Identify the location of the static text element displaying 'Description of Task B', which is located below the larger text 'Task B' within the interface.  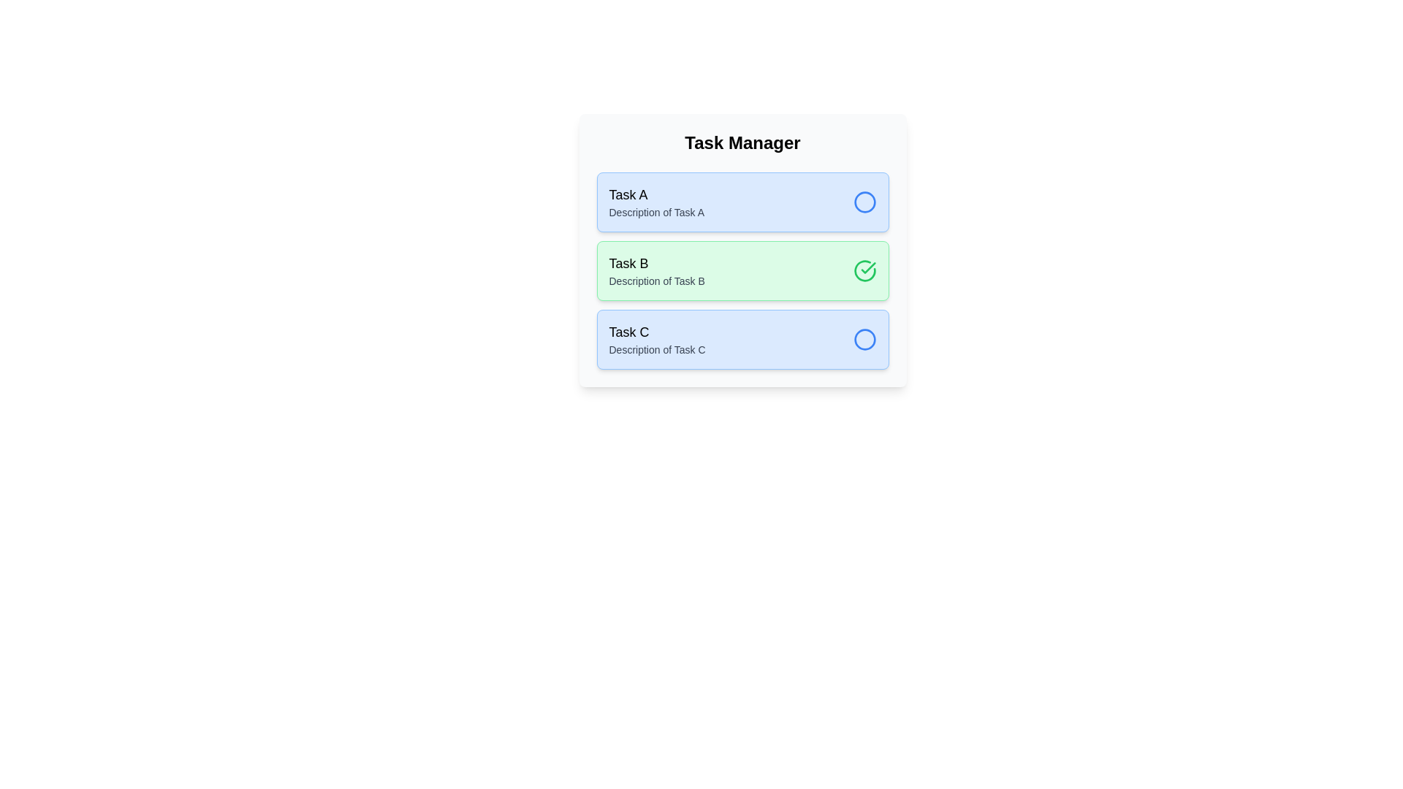
(656, 281).